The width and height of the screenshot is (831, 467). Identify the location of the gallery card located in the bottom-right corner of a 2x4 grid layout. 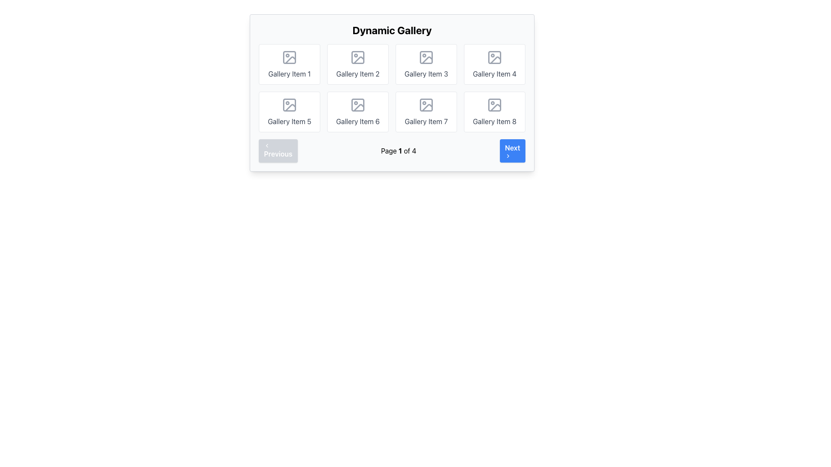
(494, 111).